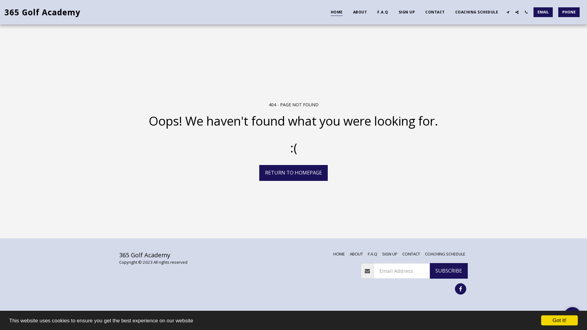  I want to click on '365 Golf Academy', so click(4, 12).